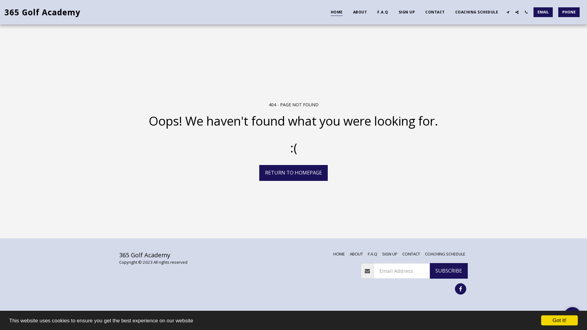  I want to click on '365 Golf Academy', so click(4, 12).